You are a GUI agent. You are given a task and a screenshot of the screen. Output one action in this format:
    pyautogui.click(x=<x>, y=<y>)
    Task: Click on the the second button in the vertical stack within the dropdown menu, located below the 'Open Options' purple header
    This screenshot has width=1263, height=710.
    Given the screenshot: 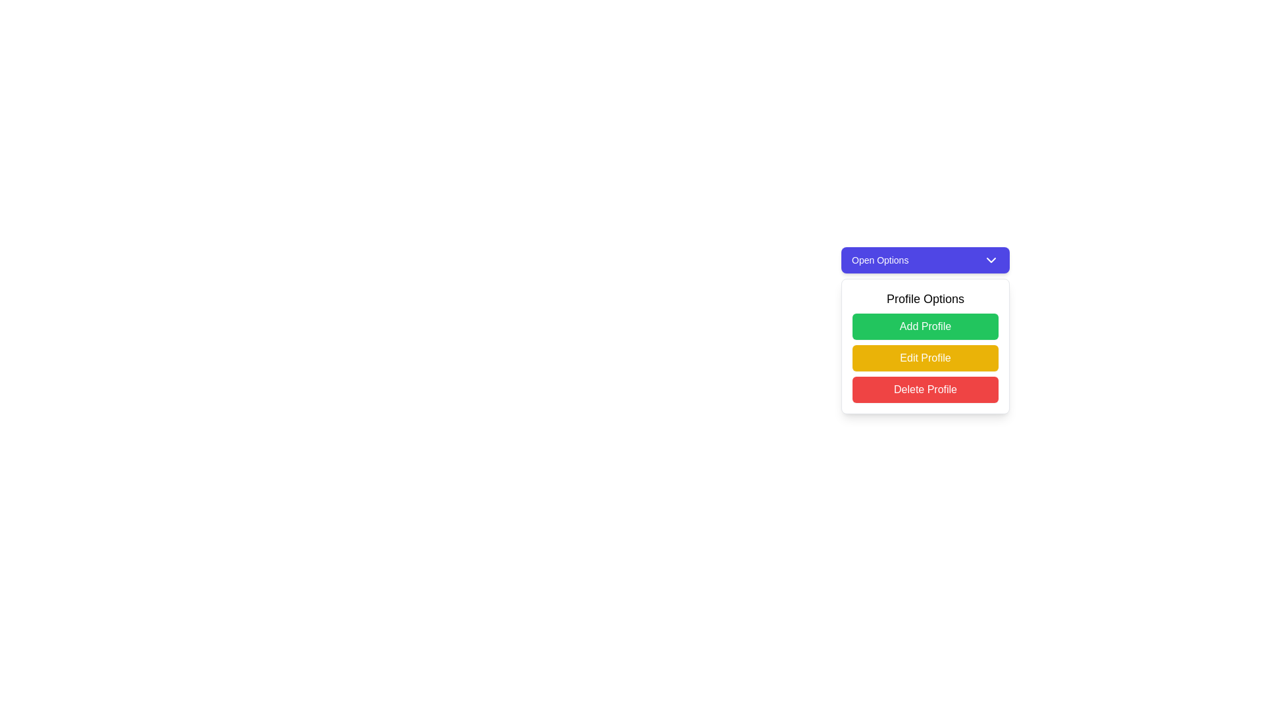 What is the action you would take?
    pyautogui.click(x=924, y=362)
    